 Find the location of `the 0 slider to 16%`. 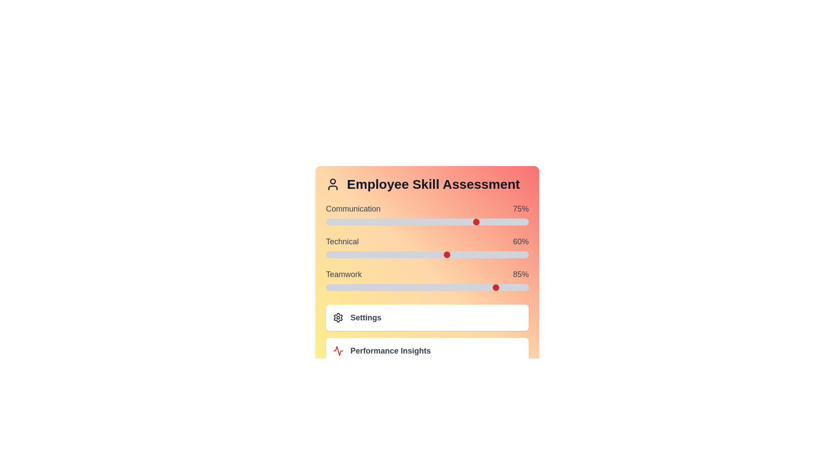

the 0 slider to 16% is located at coordinates (459, 222).